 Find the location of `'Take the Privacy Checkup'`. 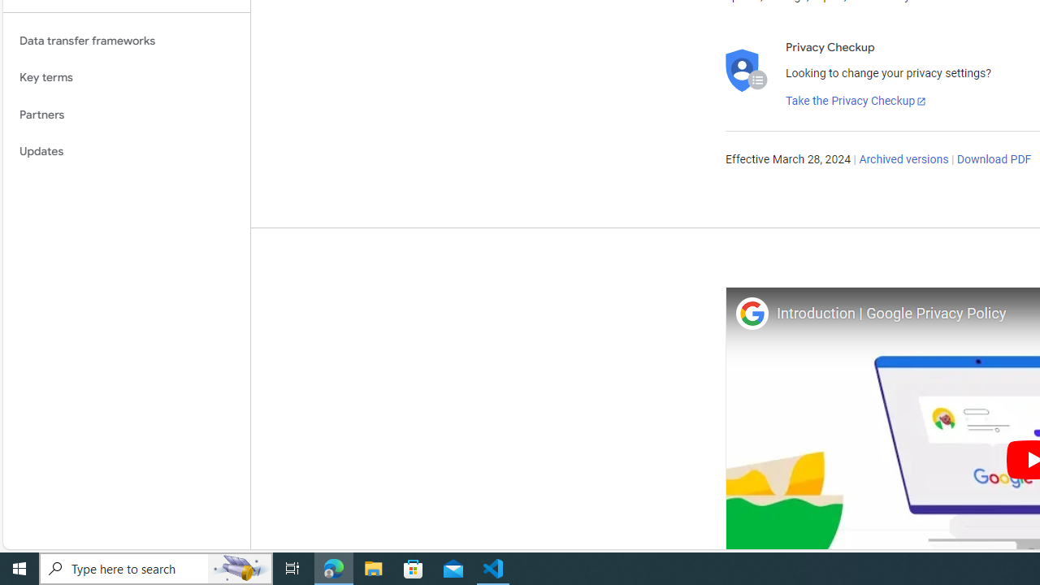

'Take the Privacy Checkup' is located at coordinates (855, 101).